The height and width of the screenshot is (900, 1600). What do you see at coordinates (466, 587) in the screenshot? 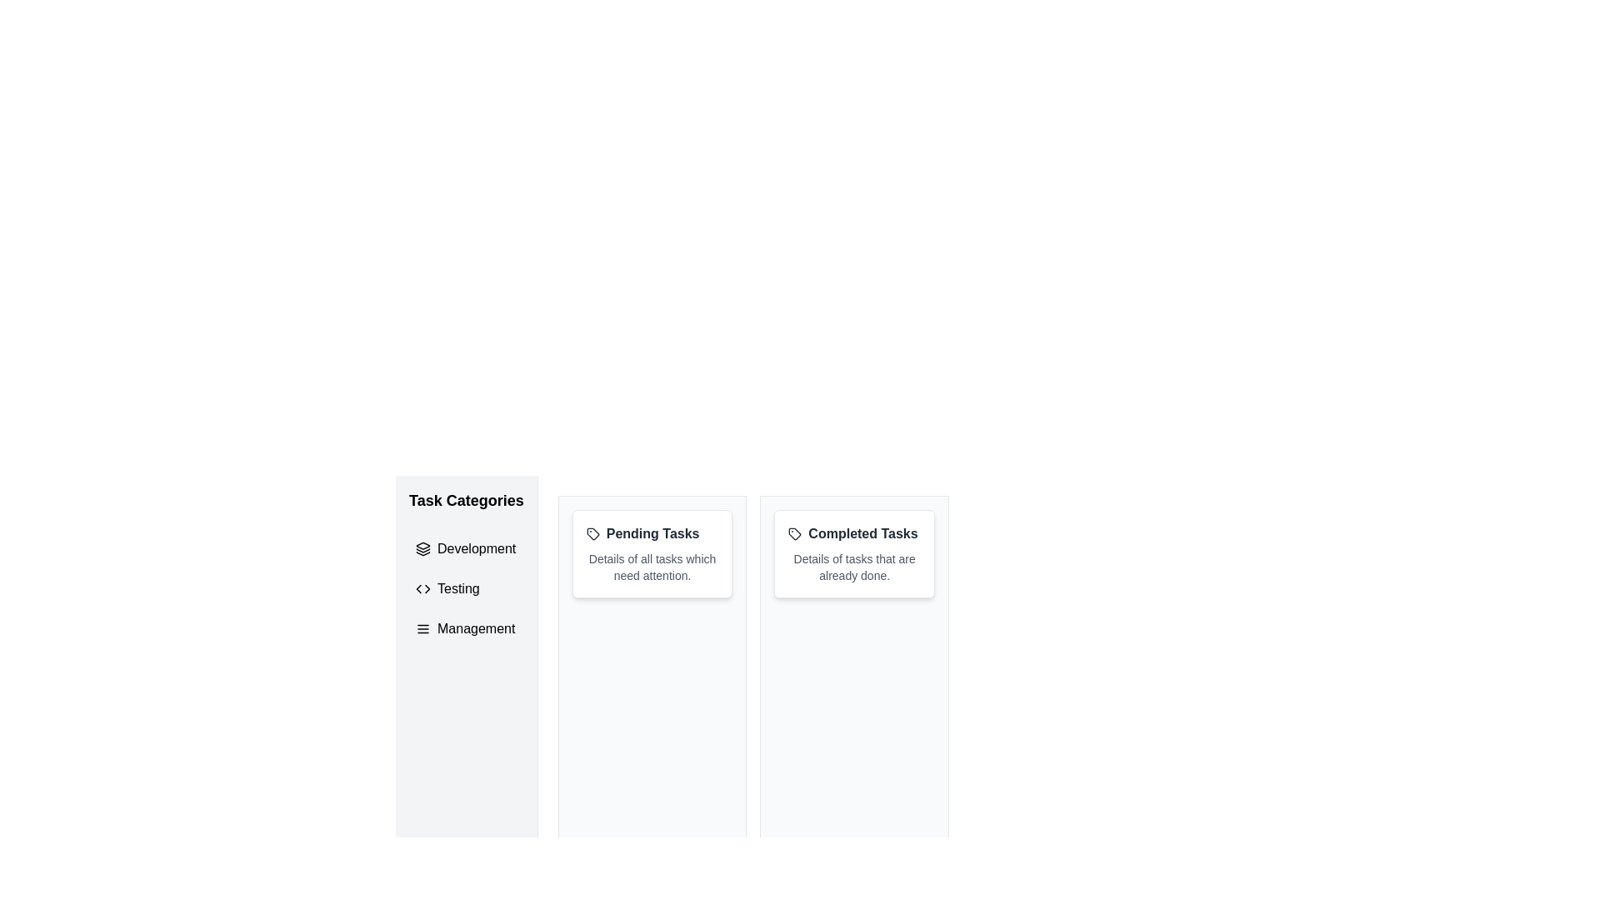
I see `the second menu item in the 'Task Categories' sidebar` at bounding box center [466, 587].